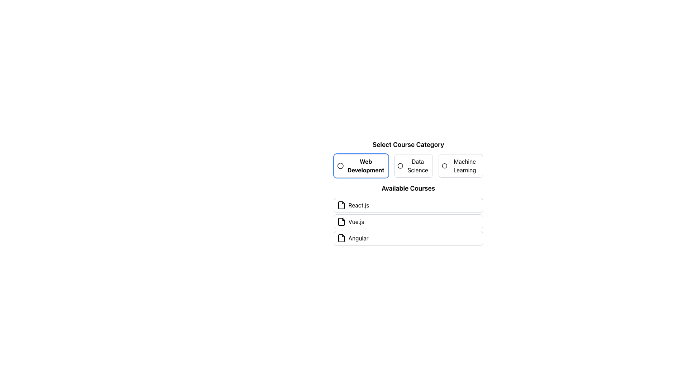  I want to click on the 'Web Development' category selector button located at the top-left of the button, near its border, so click(340, 166).